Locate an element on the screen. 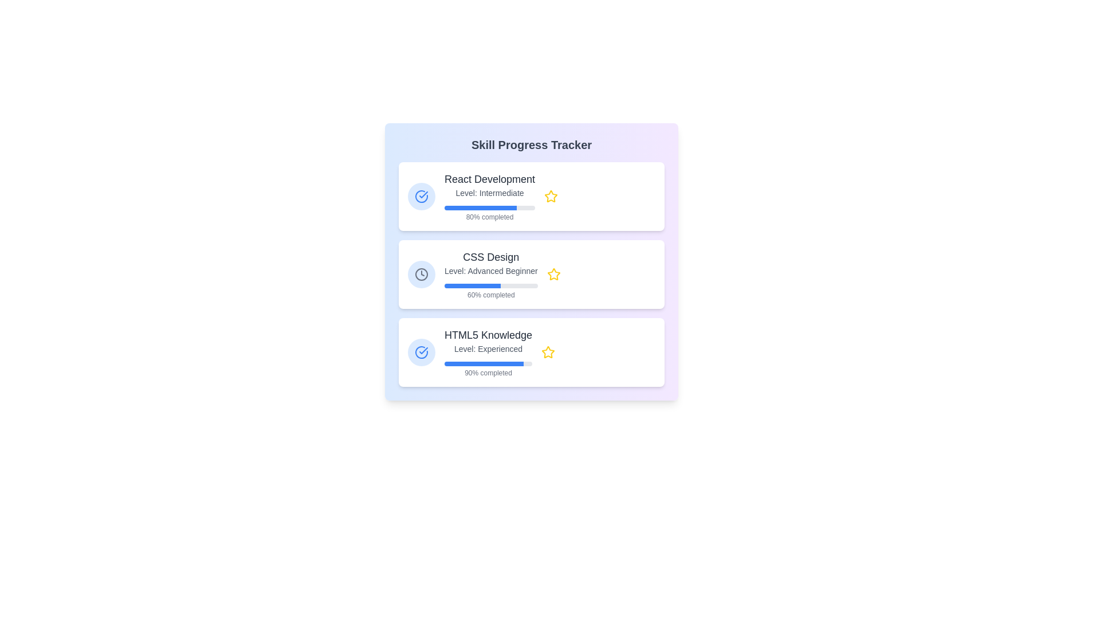 This screenshot has height=619, width=1100. the third item in the vertical list of the 'Skill Progress Tracker' section, which displays the user's progress in HTML5 is located at coordinates (531, 351).